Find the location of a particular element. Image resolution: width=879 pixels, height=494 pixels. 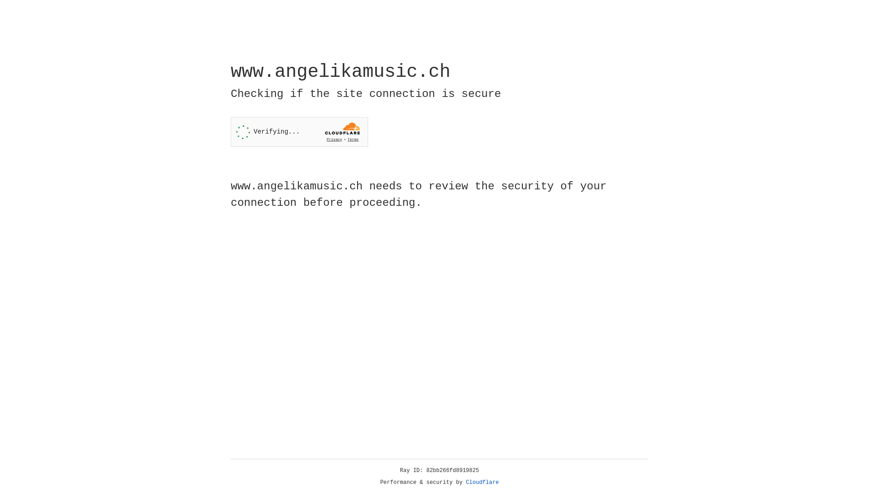

'Cloudflare' is located at coordinates (482, 482).